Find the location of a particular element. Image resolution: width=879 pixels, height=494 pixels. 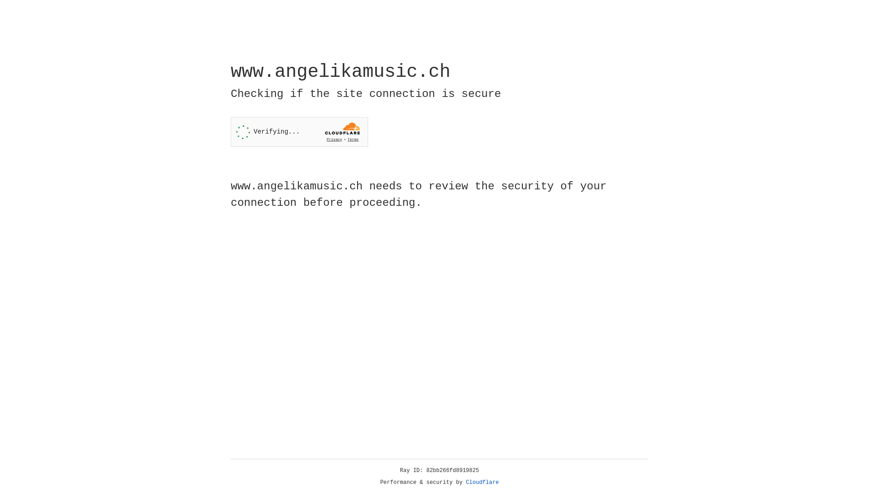

'Cloudflare' is located at coordinates (482, 482).